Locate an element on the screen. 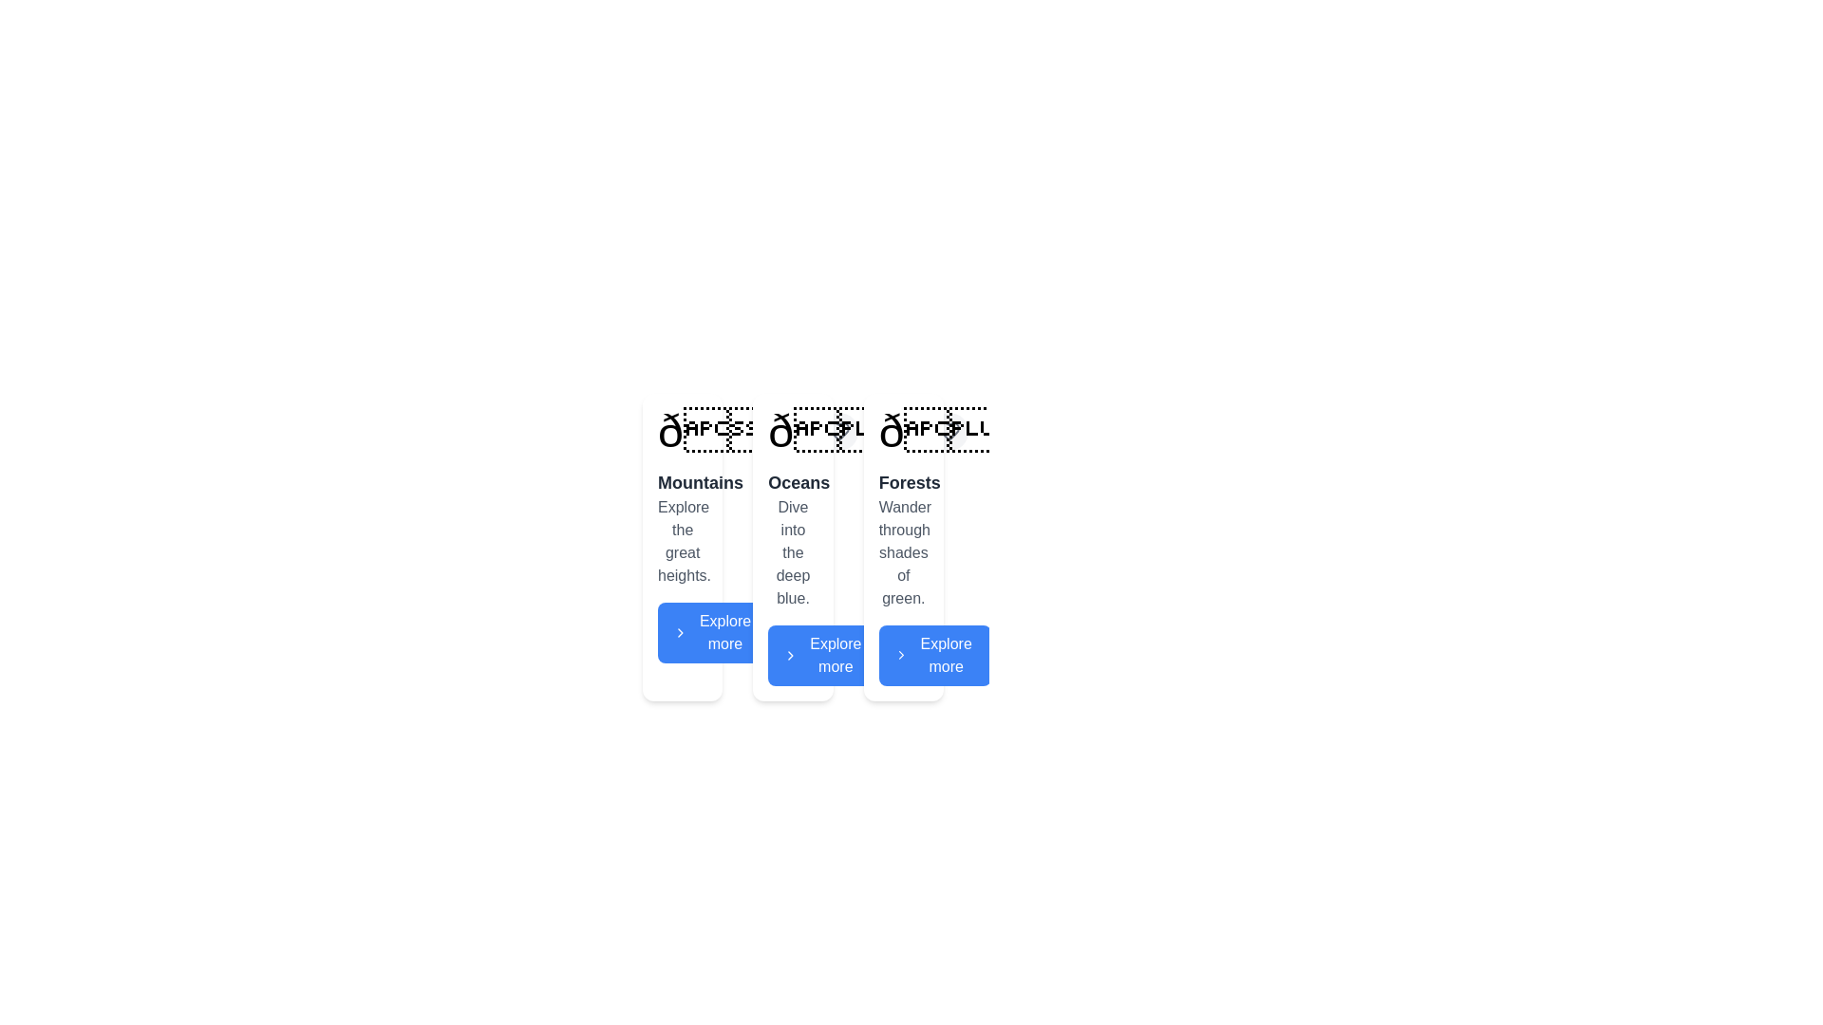 Image resolution: width=1823 pixels, height=1025 pixels. the 'Explore more' button with a blue background and a right-pointing chevron icon to change its background color is located at coordinates (713, 633).